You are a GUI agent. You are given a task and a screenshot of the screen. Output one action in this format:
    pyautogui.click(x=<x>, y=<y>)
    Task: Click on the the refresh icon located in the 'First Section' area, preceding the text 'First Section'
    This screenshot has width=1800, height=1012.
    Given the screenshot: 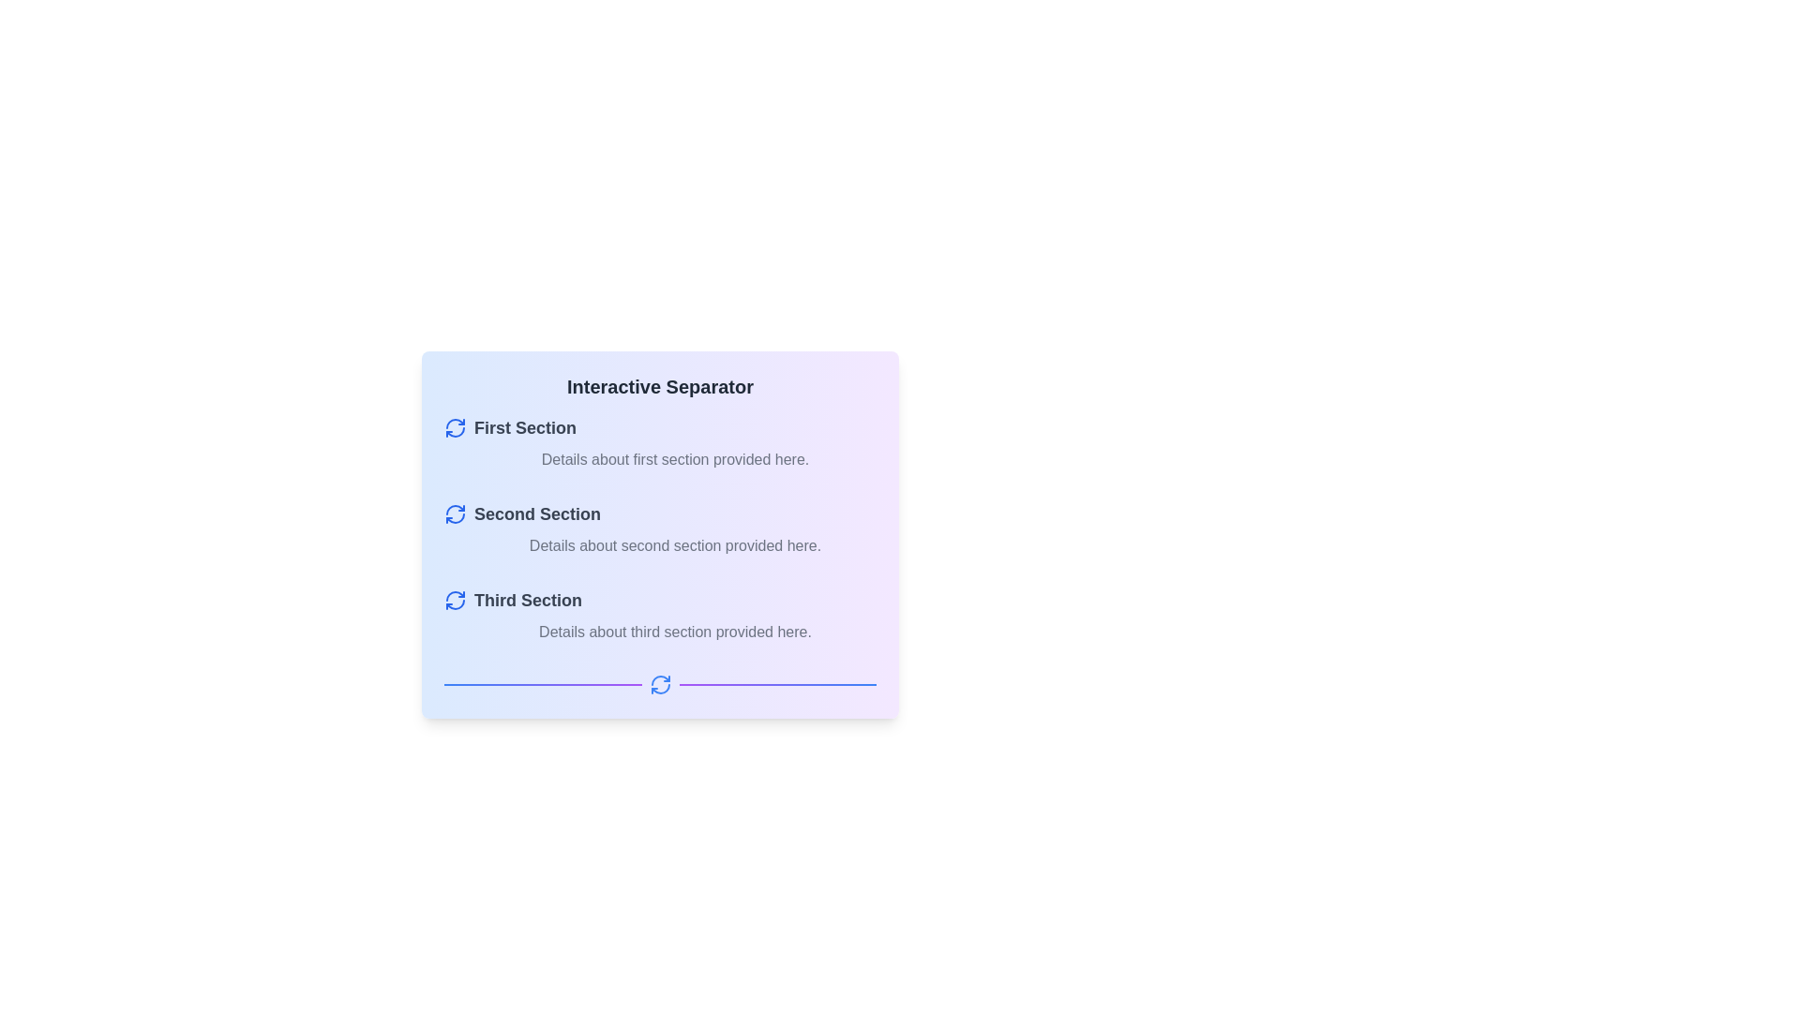 What is the action you would take?
    pyautogui.click(x=455, y=427)
    